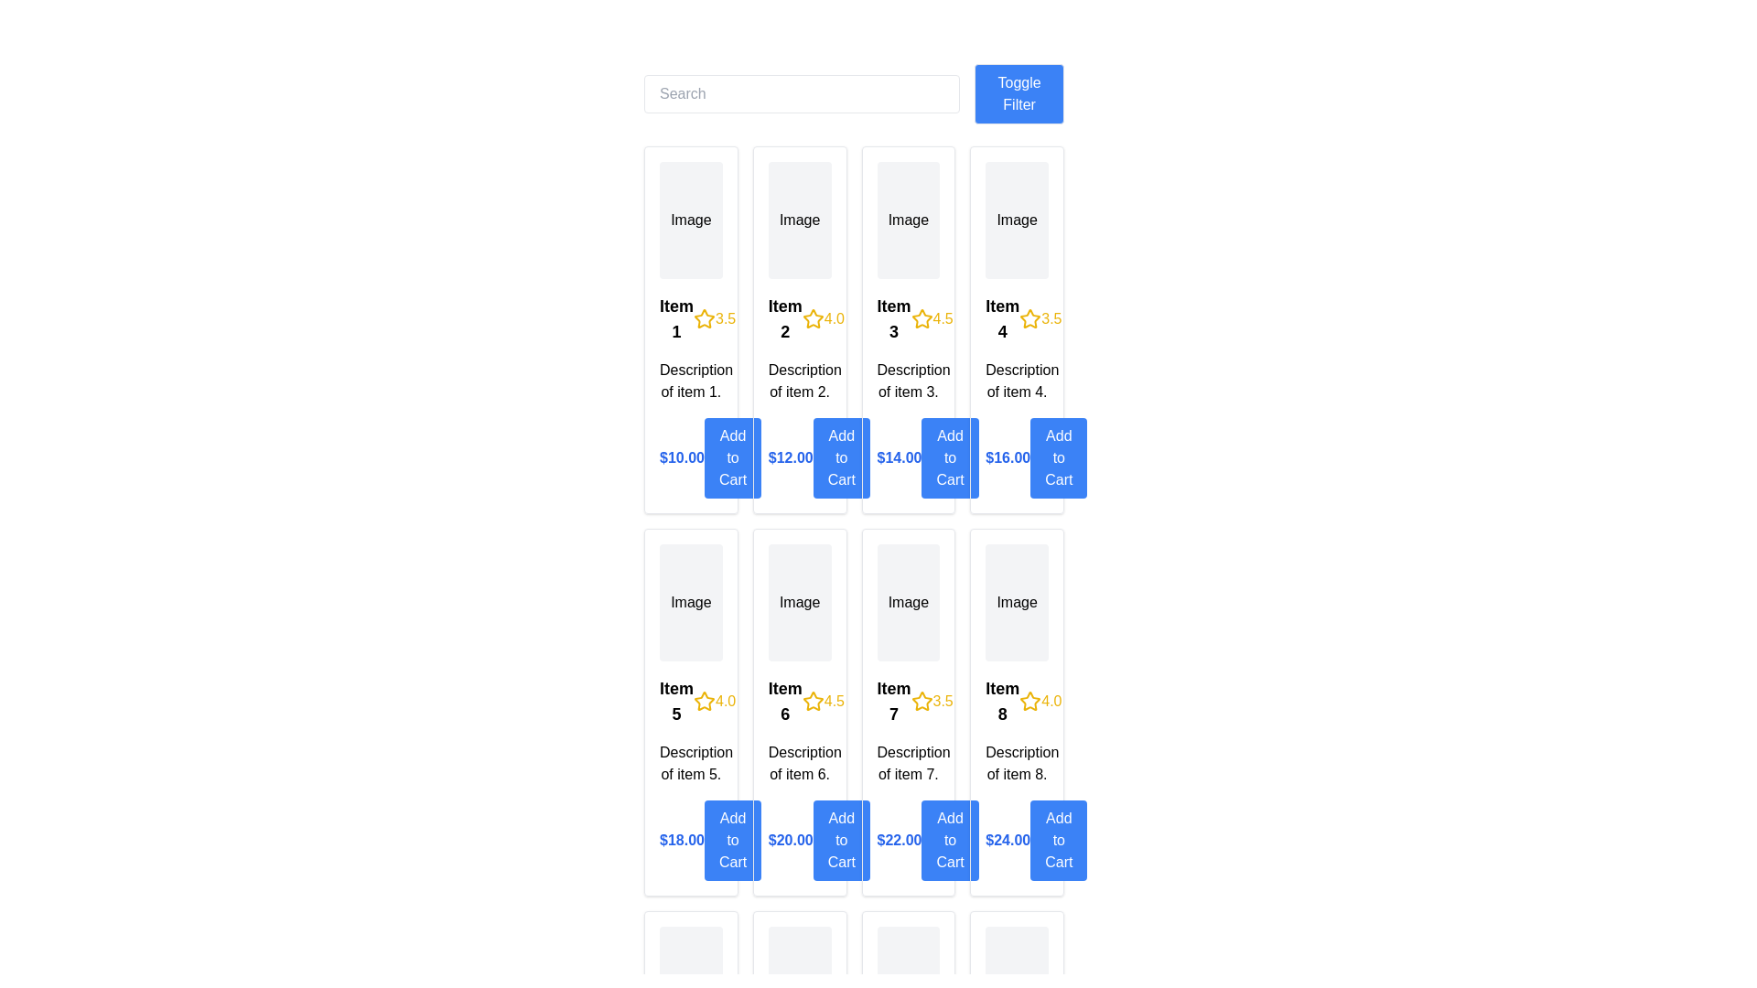  Describe the element at coordinates (690, 840) in the screenshot. I see `the price tag displaying '$18.00' in bold blue text located at the bottom of the fifth item card in the second row of the product grid` at that location.